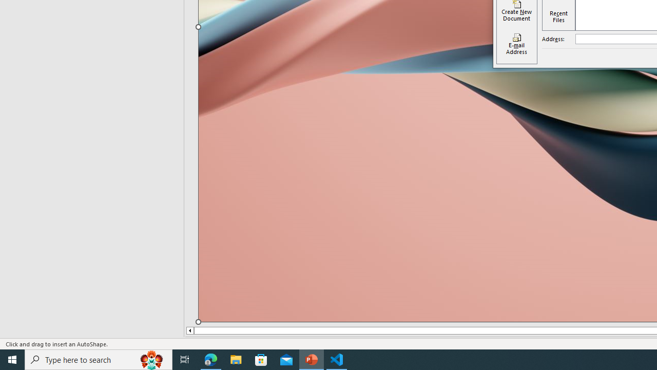 This screenshot has width=657, height=370. What do you see at coordinates (558, 16) in the screenshot?
I see `'Recent Files'` at bounding box center [558, 16].